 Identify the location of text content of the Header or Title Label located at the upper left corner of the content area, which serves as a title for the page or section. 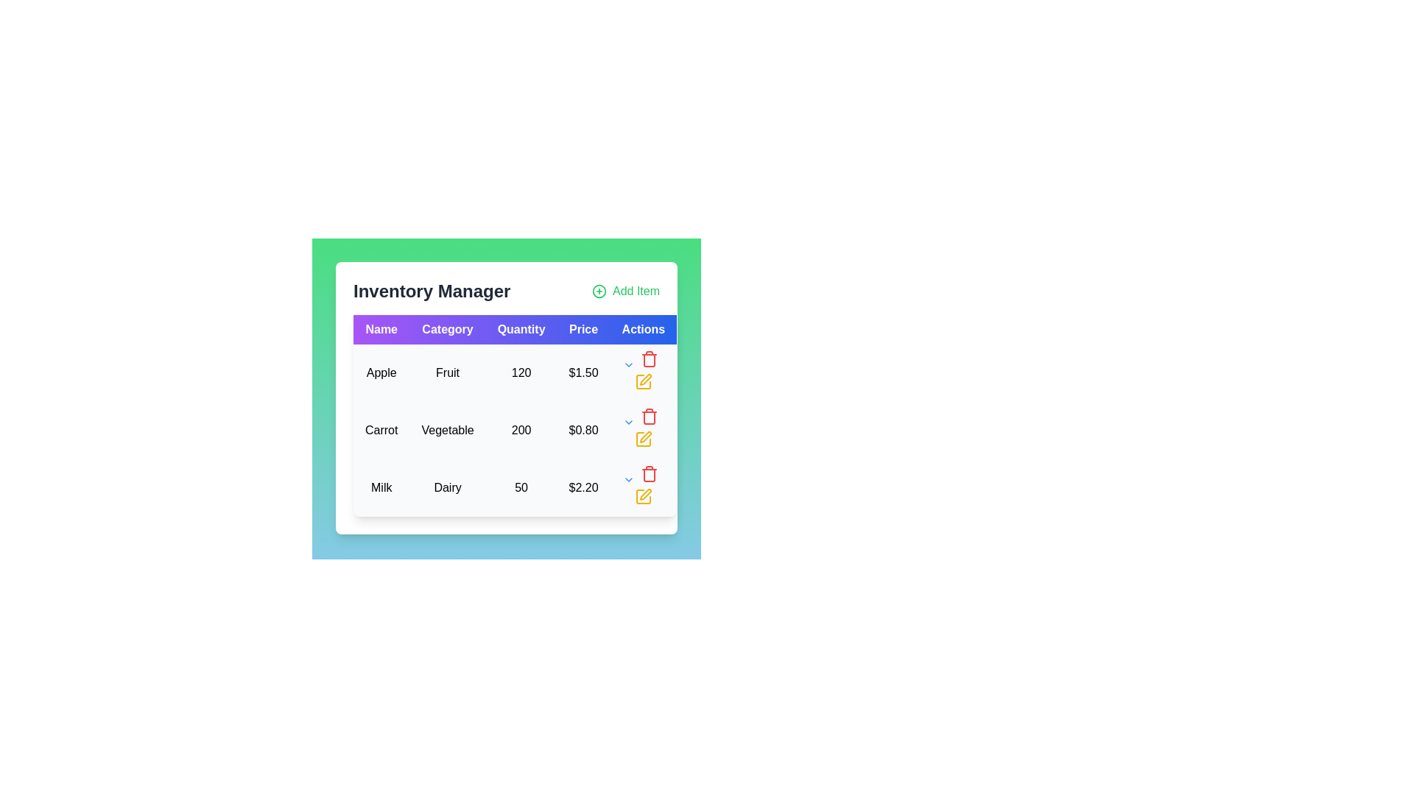
(431, 291).